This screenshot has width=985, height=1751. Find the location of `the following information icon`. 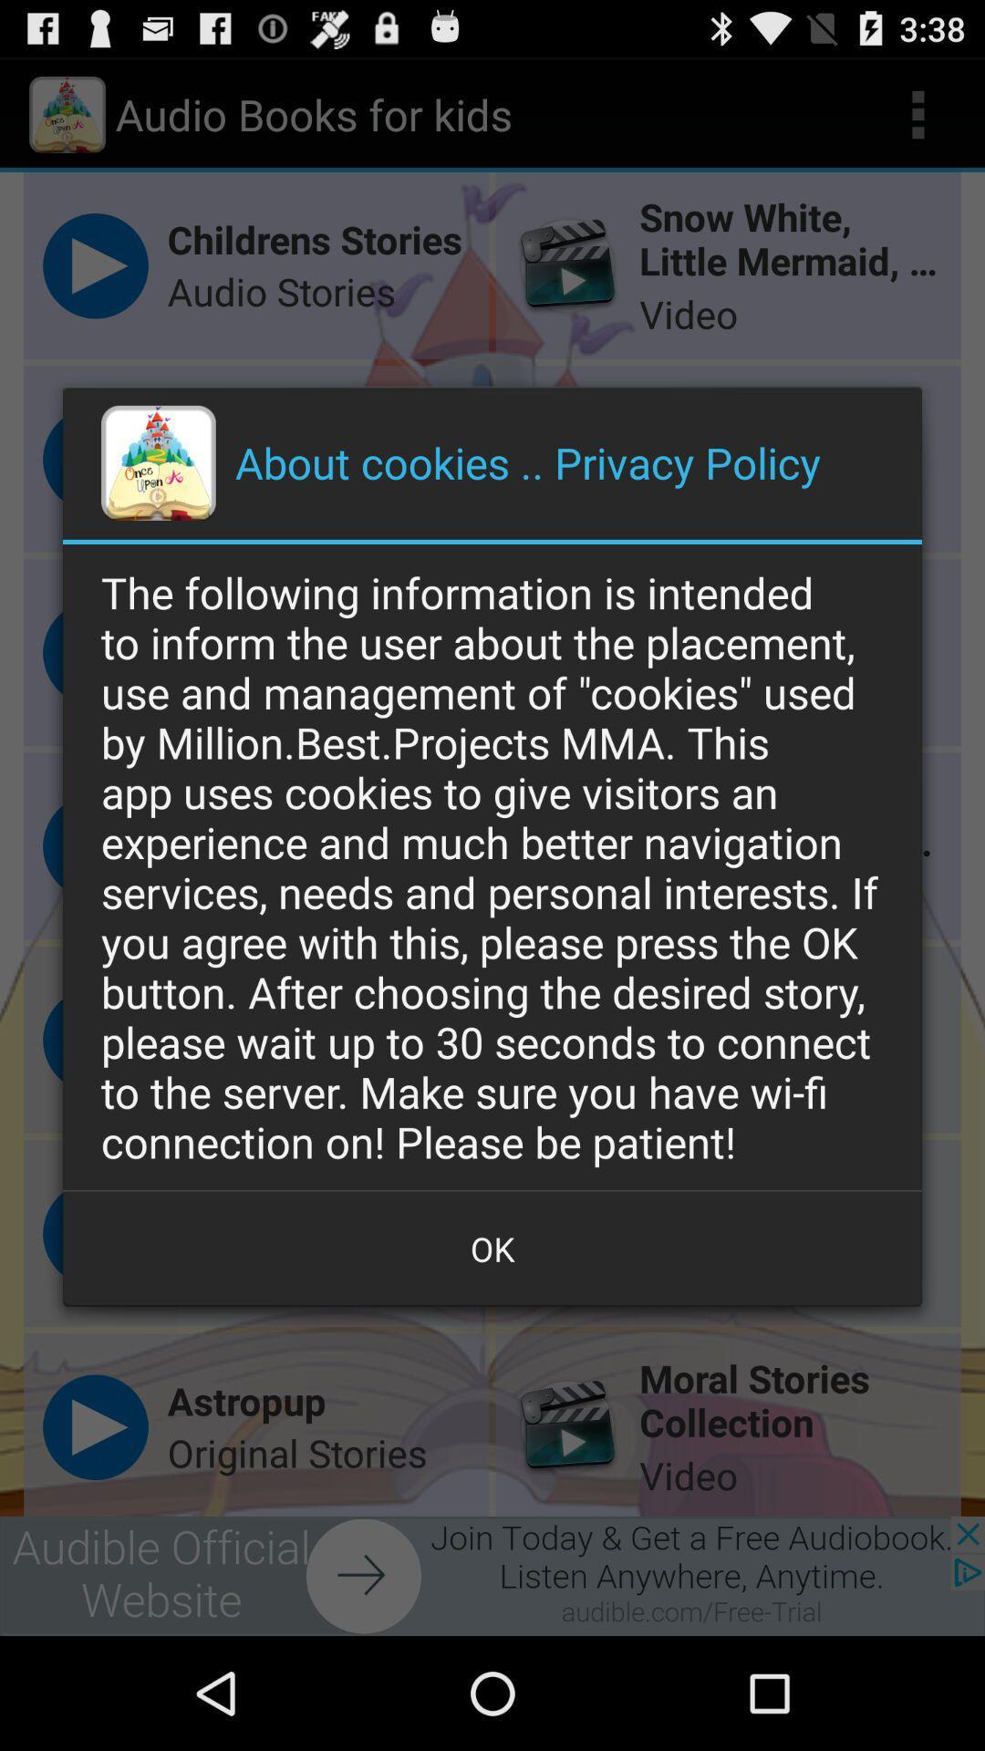

the following information icon is located at coordinates (493, 865).